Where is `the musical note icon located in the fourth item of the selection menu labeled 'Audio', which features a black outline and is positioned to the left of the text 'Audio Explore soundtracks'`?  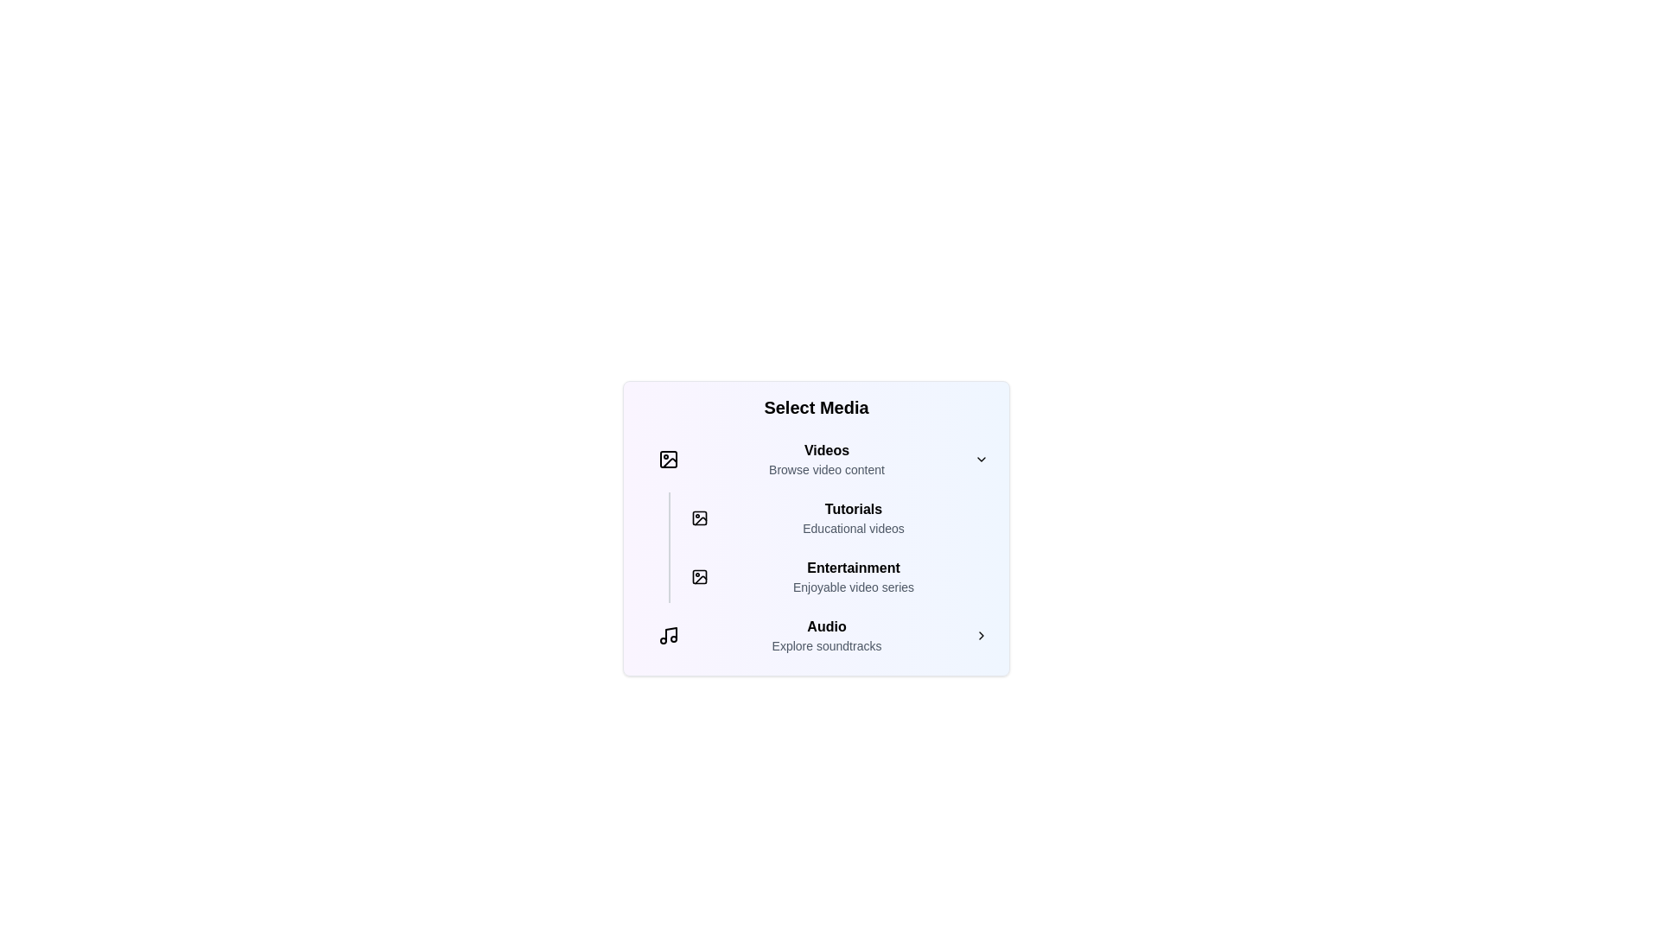
the musical note icon located in the fourth item of the selection menu labeled 'Audio', which features a black outline and is positioned to the left of the text 'Audio Explore soundtracks' is located at coordinates (667, 636).